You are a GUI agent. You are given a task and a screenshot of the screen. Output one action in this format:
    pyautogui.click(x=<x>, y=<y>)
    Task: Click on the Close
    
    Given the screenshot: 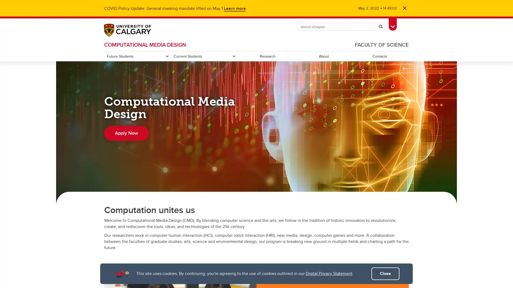 What is the action you would take?
    pyautogui.click(x=385, y=274)
    